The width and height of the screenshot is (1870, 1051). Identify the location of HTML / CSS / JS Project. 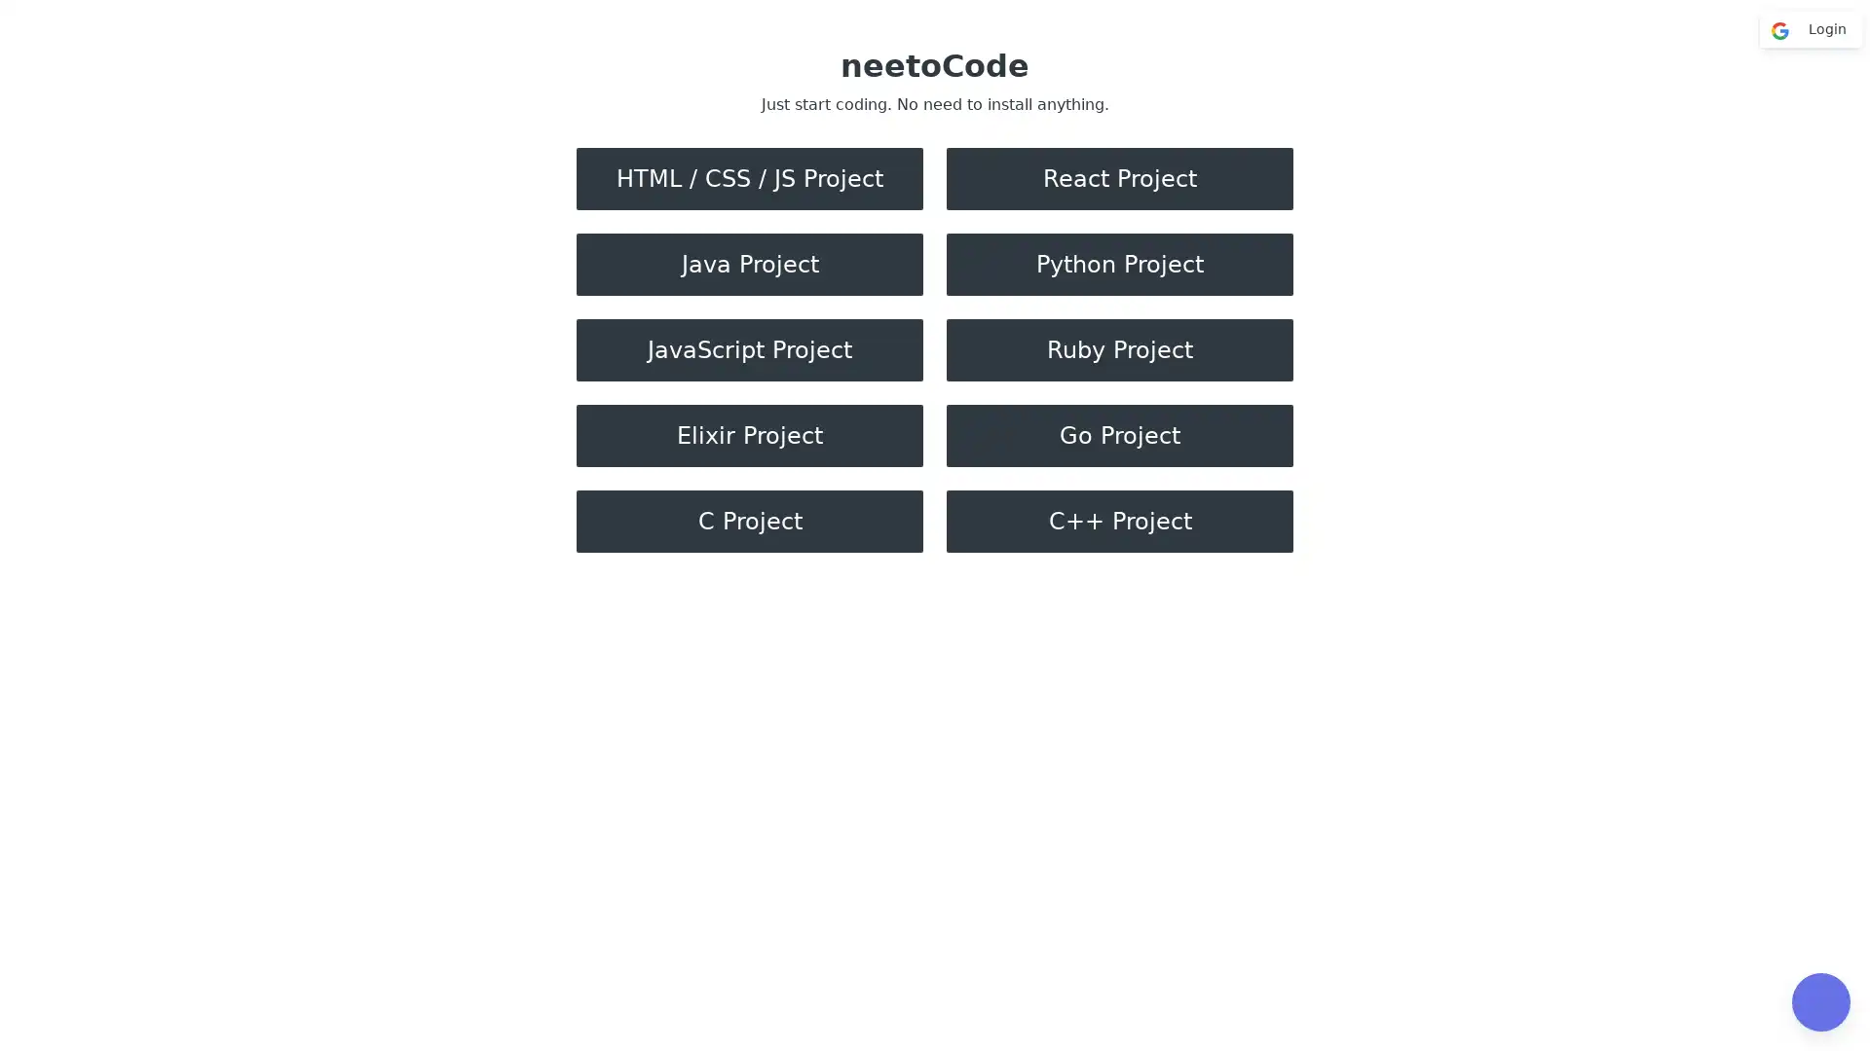
(748, 179).